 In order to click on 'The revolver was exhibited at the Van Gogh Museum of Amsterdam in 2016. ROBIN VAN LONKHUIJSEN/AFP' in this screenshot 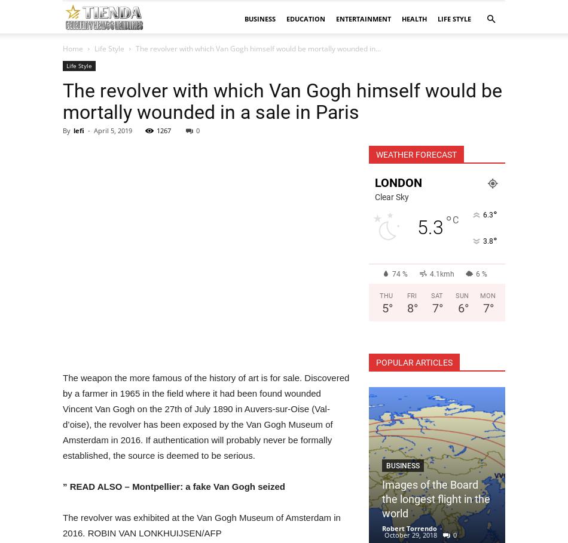, I will do `click(62, 525)`.